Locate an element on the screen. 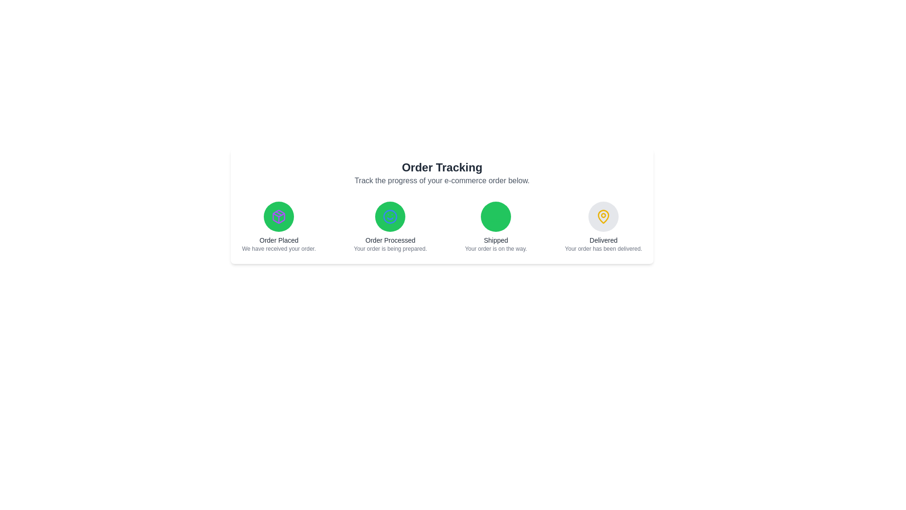  the text element that reads 'Your order is on the way.' which is styled in a small, centered, gray font and located below the green icon representing the shipping status is located at coordinates (495, 248).